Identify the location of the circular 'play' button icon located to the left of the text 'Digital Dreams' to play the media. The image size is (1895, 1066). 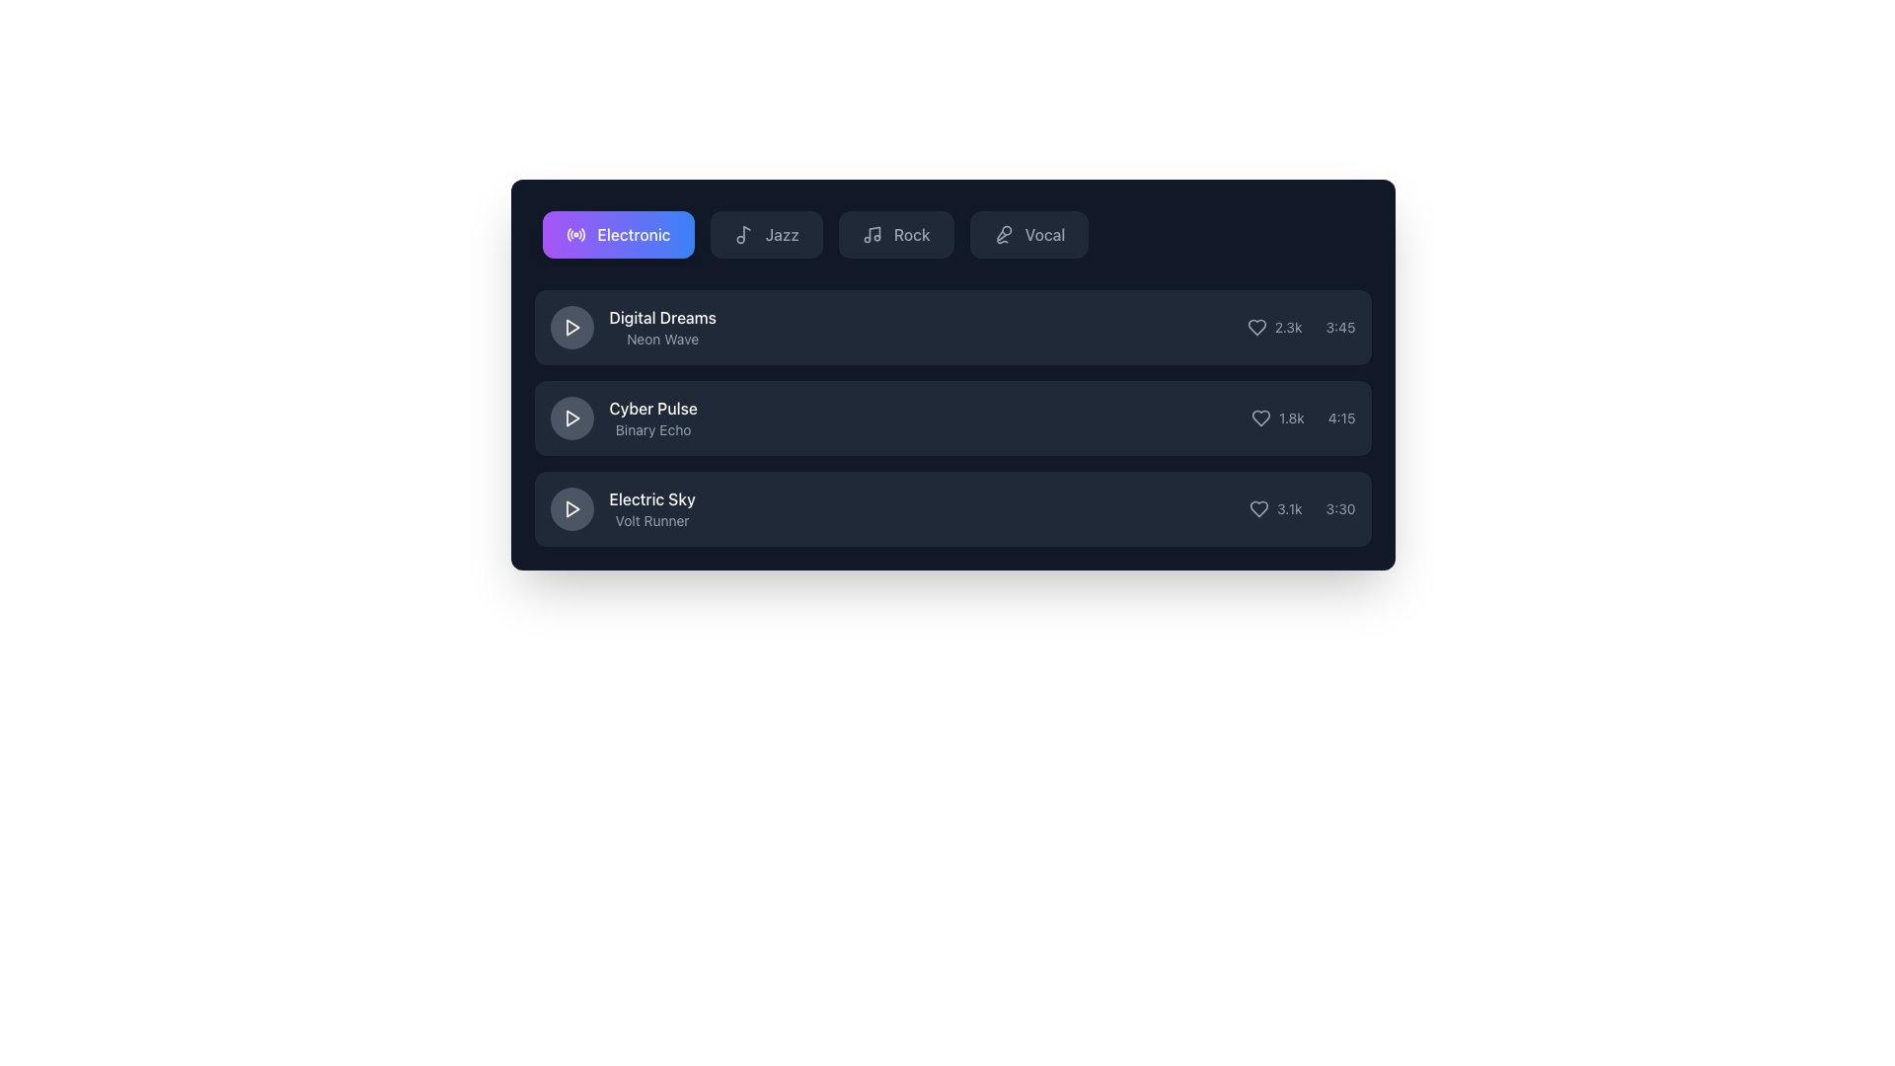
(571, 326).